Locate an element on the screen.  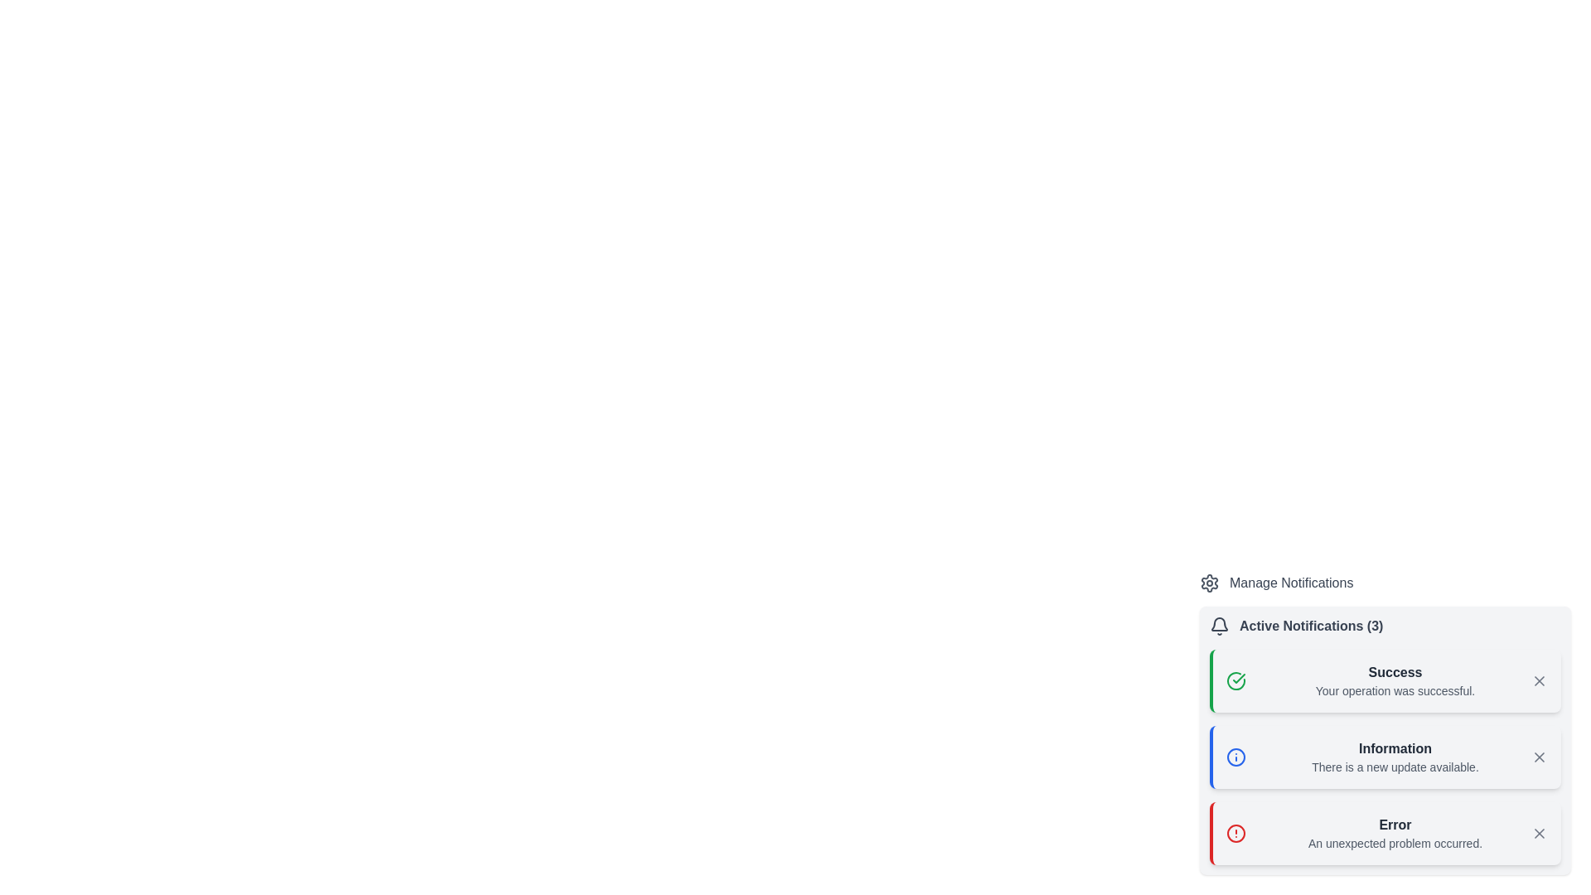
text content of the first notification entry located within the notification component, positioned above the close button and adjacent to the green success icon is located at coordinates (1395, 680).